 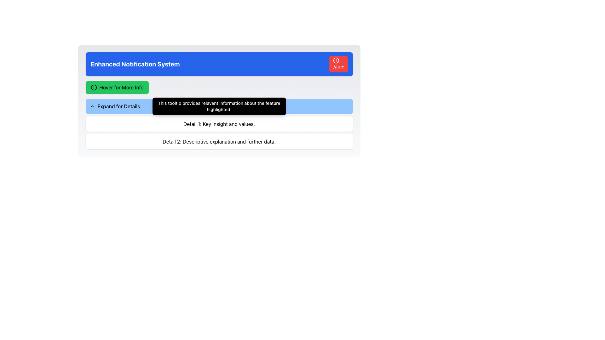 What do you see at coordinates (135, 64) in the screenshot?
I see `the bold text label displaying 'Enhanced Notification System' located on the blue background at the top-left corner of the interface` at bounding box center [135, 64].